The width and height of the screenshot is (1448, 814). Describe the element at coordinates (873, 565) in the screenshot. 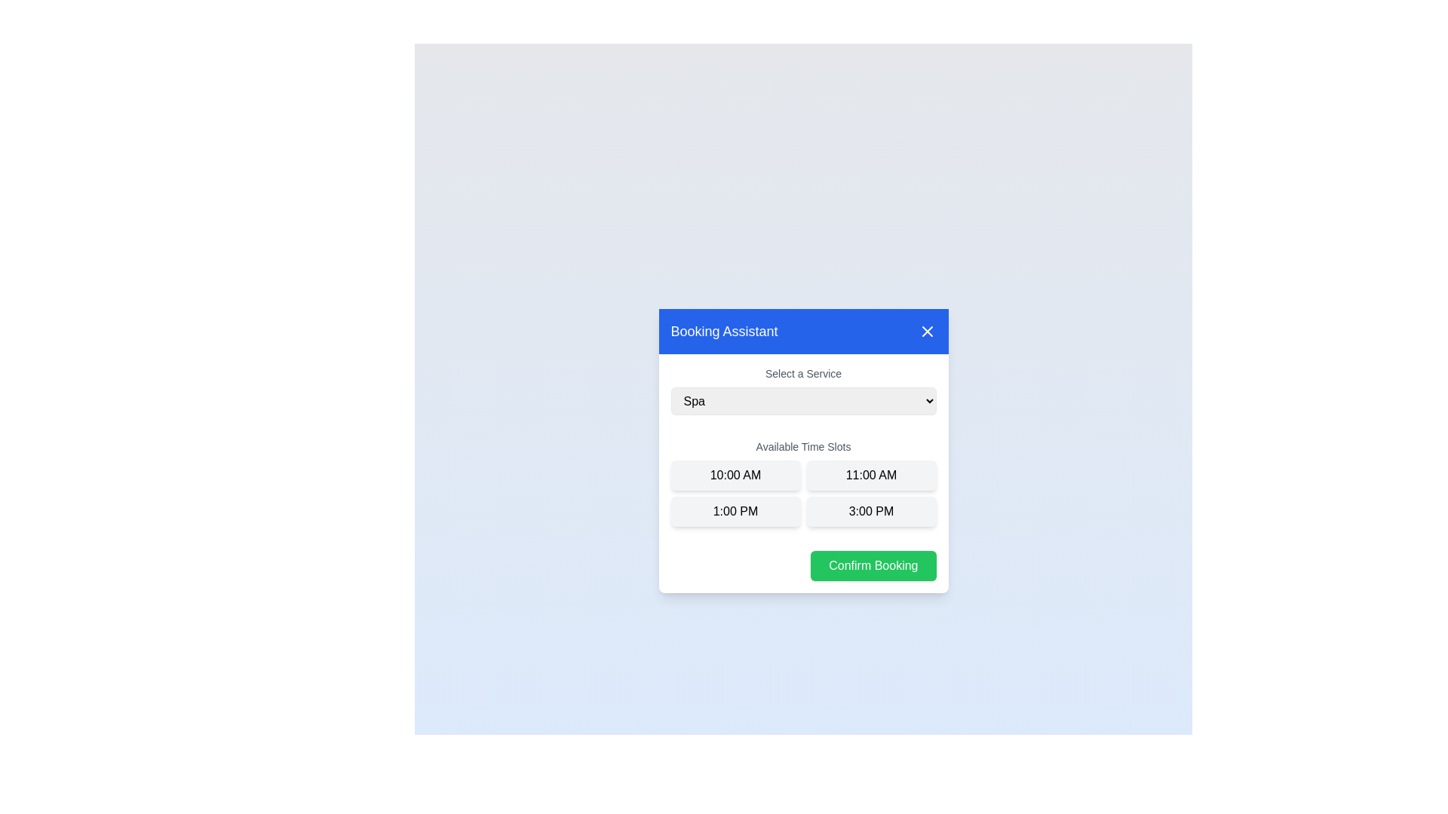

I see `the 'Confirm Booking' button to confirm the booking` at that location.